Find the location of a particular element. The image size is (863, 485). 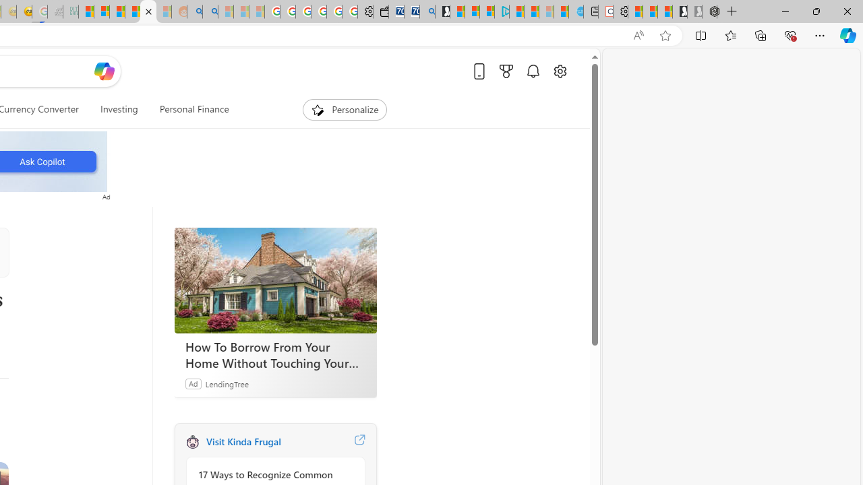

'Utah sues federal government - Search' is located at coordinates (209, 11).